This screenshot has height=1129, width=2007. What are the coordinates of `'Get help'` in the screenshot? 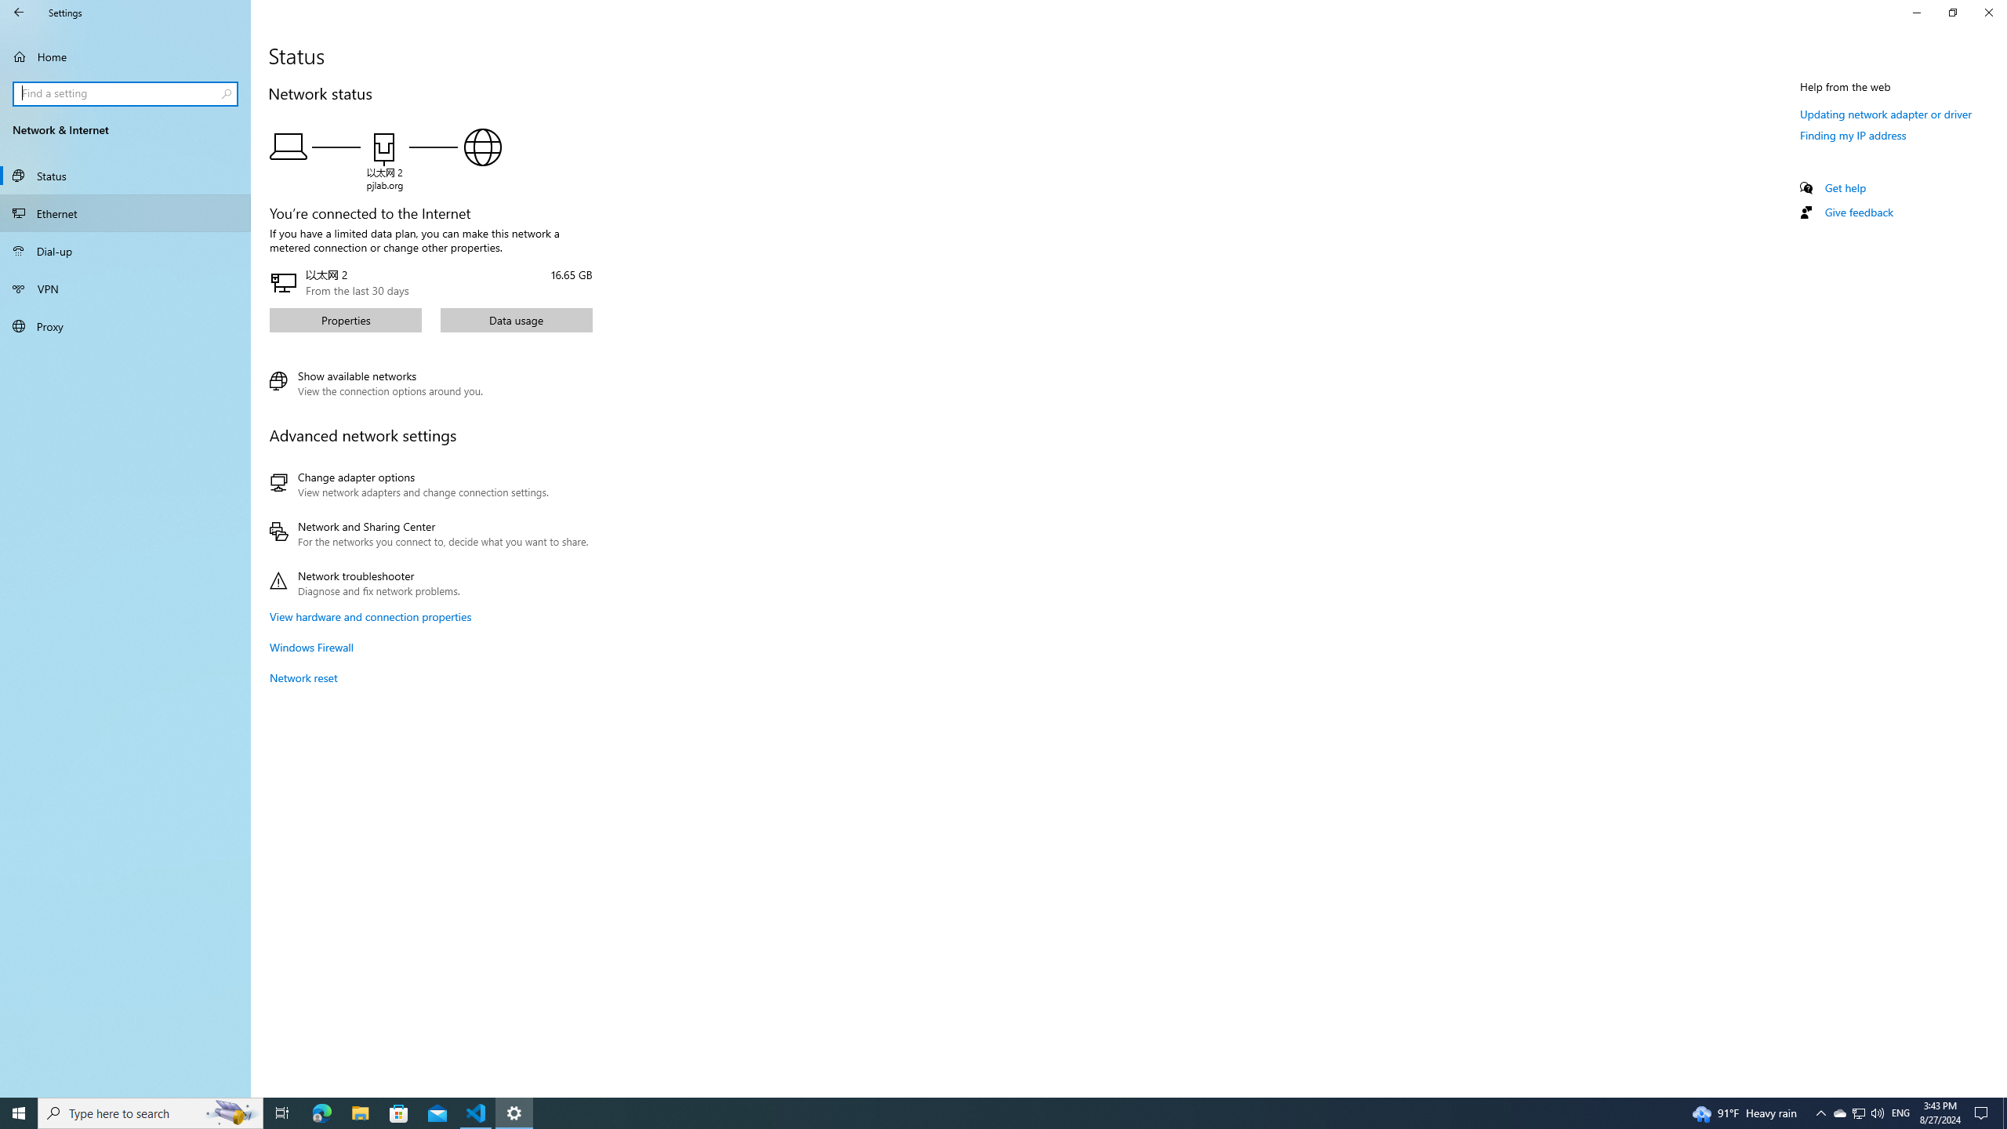 It's located at (1844, 187).